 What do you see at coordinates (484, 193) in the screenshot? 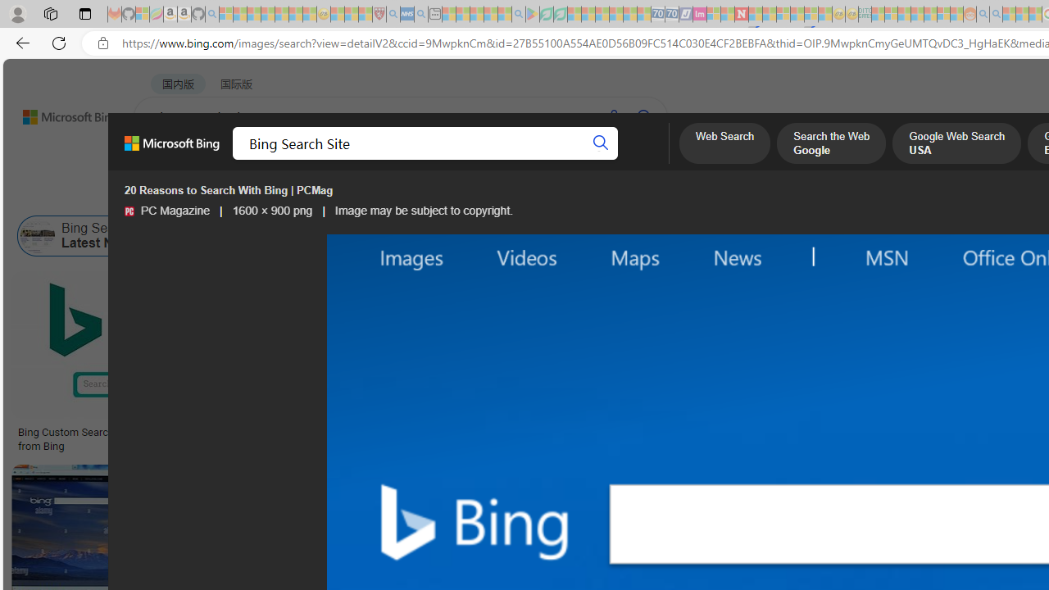
I see `'Date'` at bounding box center [484, 193].